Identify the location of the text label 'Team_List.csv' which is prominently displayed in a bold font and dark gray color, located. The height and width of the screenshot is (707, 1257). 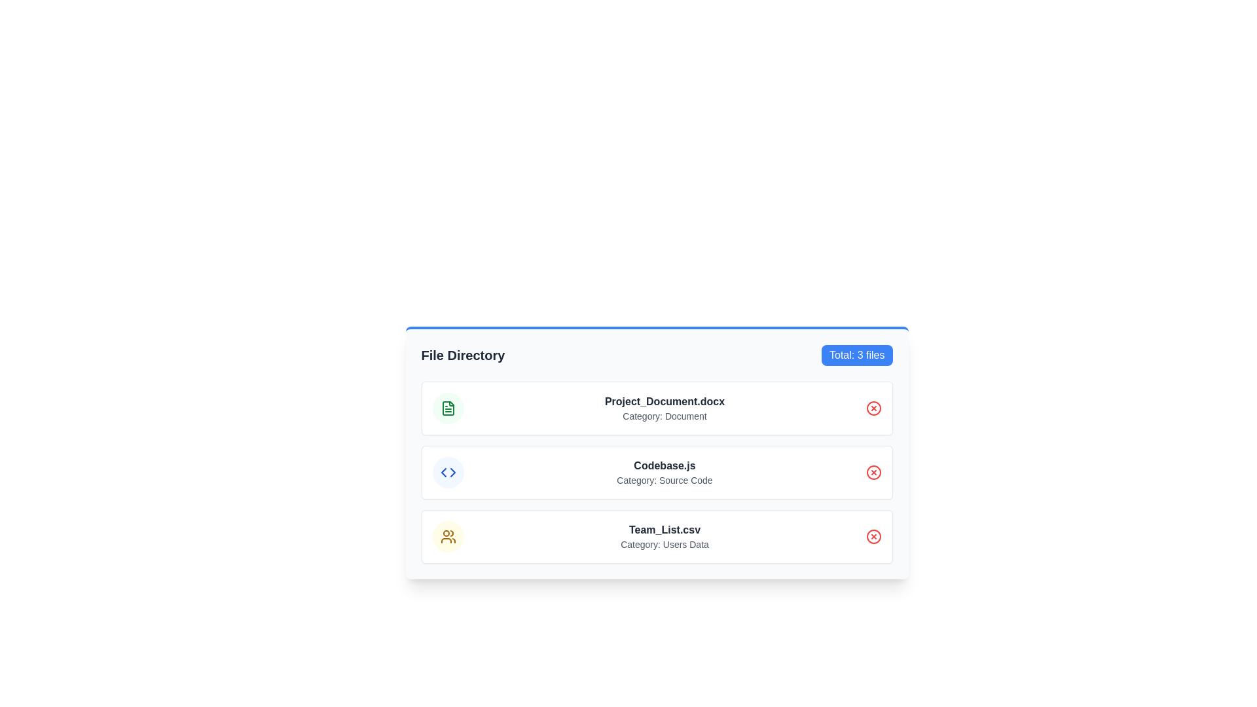
(665, 530).